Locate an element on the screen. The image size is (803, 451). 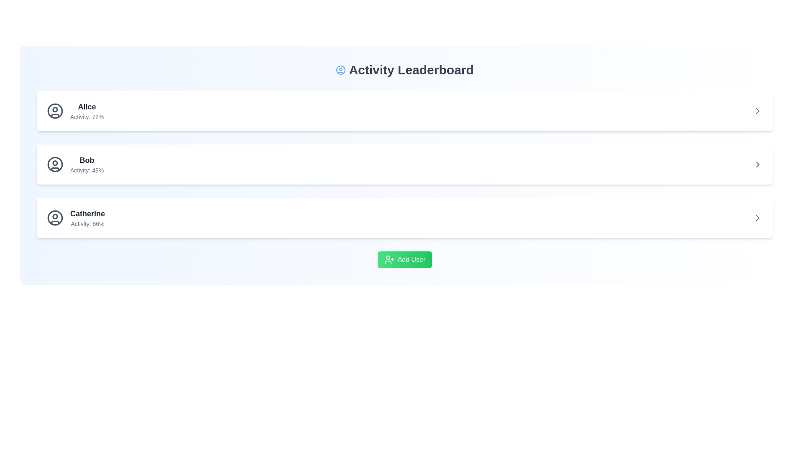
the text display element showing 'Bob' with 'Activity: 48%' underneath in the Activity Leaderboard interface is located at coordinates (87, 164).